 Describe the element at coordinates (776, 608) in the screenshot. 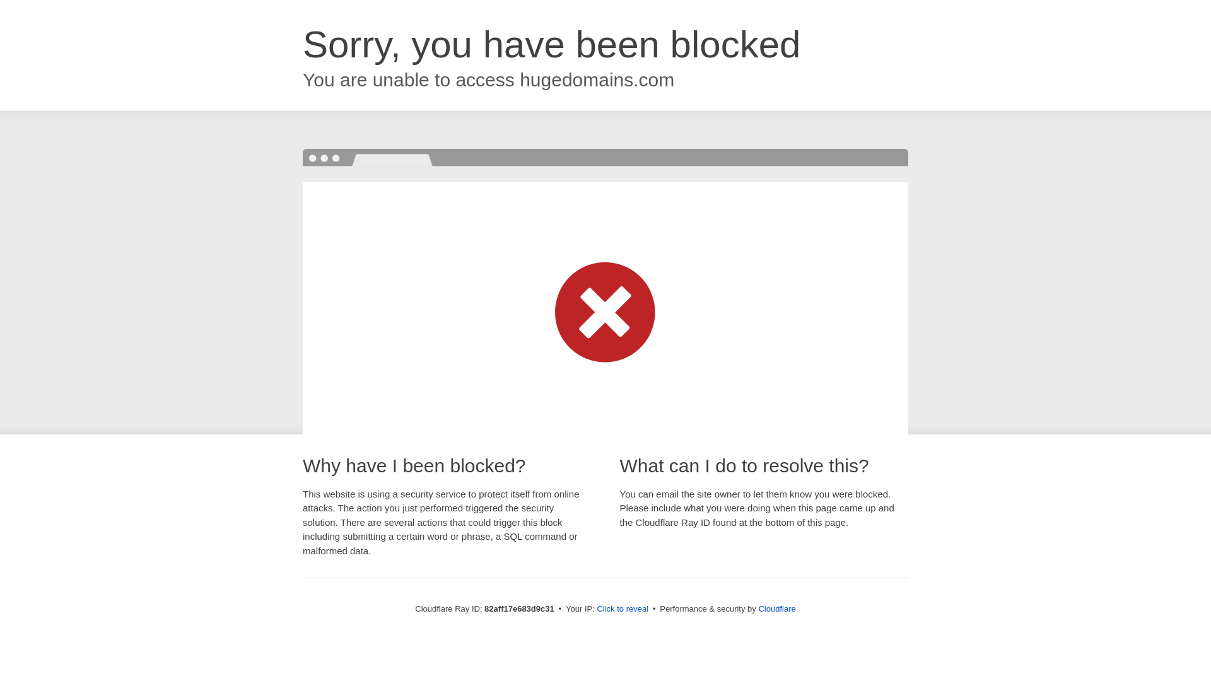

I see `'Cloudflare'` at that location.